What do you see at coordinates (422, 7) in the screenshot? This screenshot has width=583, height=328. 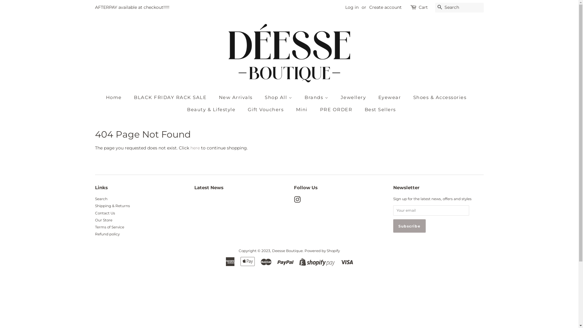 I see `'Cart'` at bounding box center [422, 7].